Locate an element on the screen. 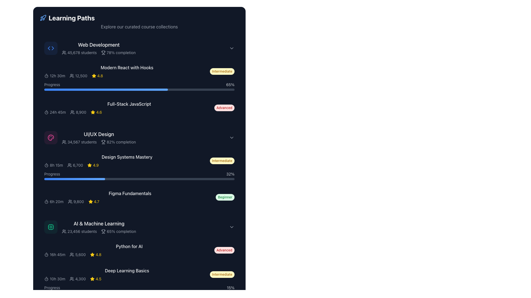 This screenshot has height=298, width=531. the progress bar is located at coordinates (67, 89).